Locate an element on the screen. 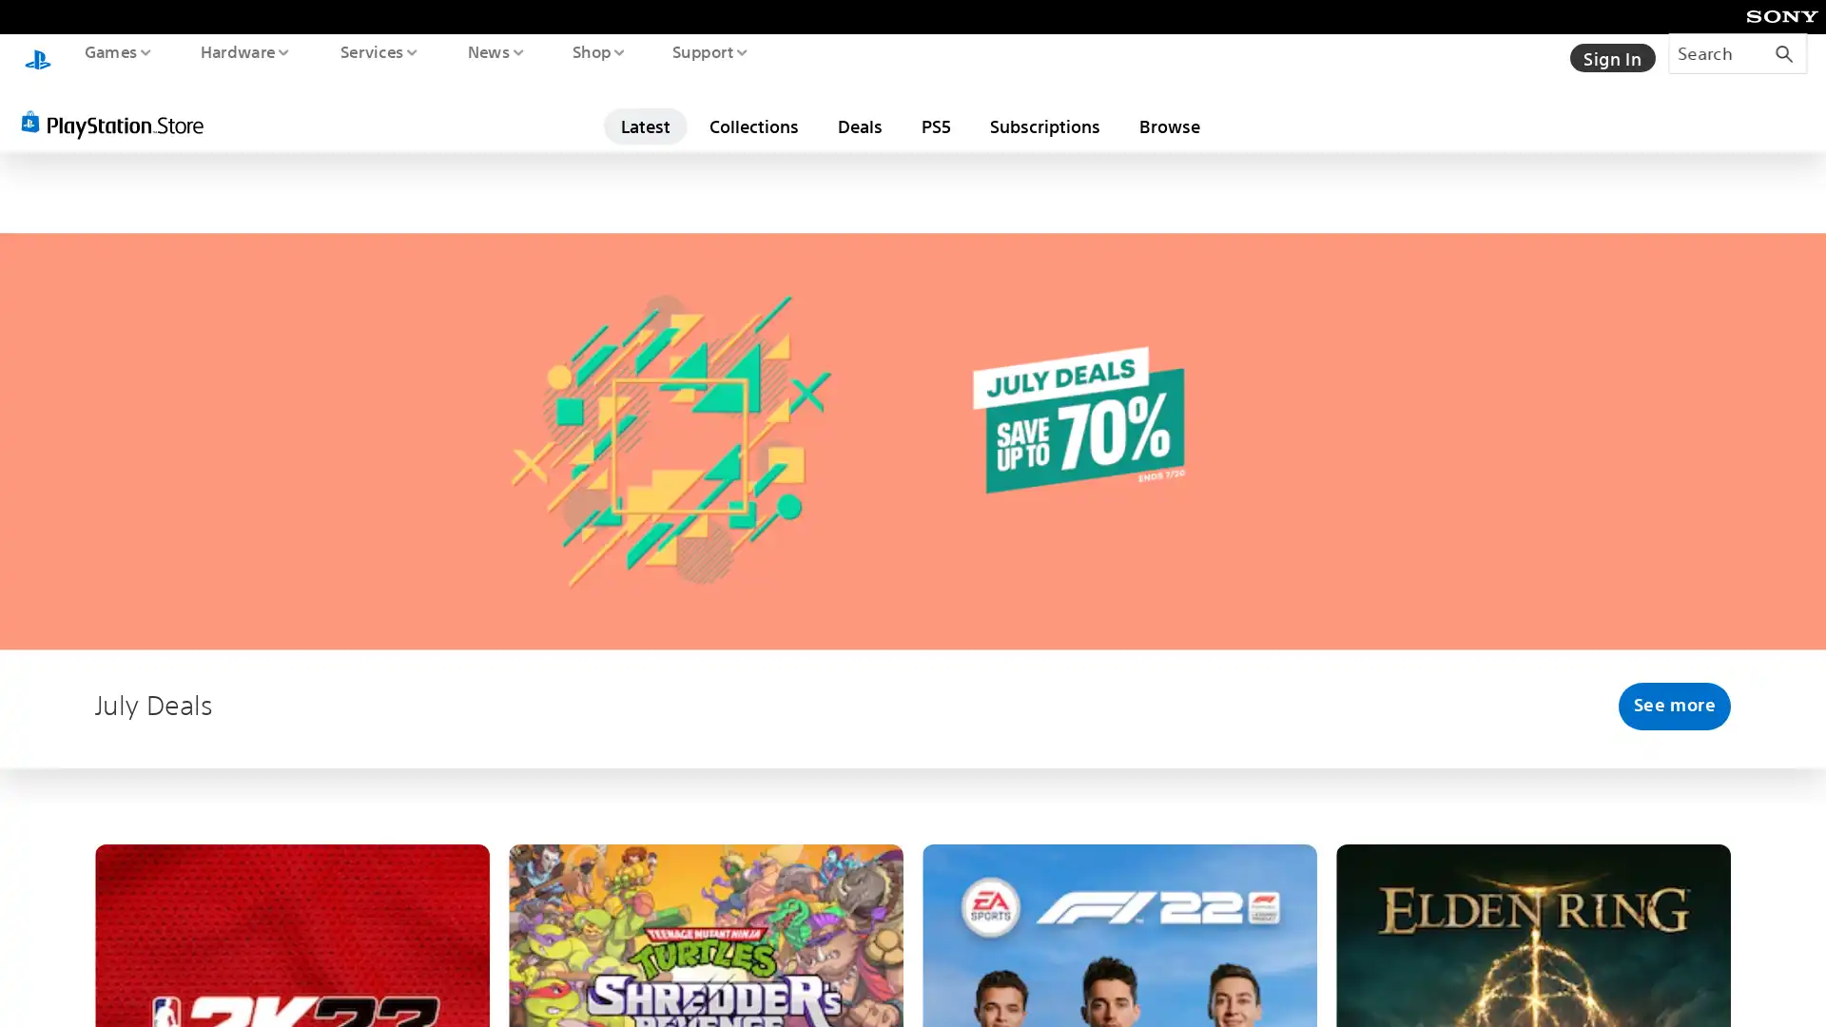  Search is located at coordinates (1738, 52).